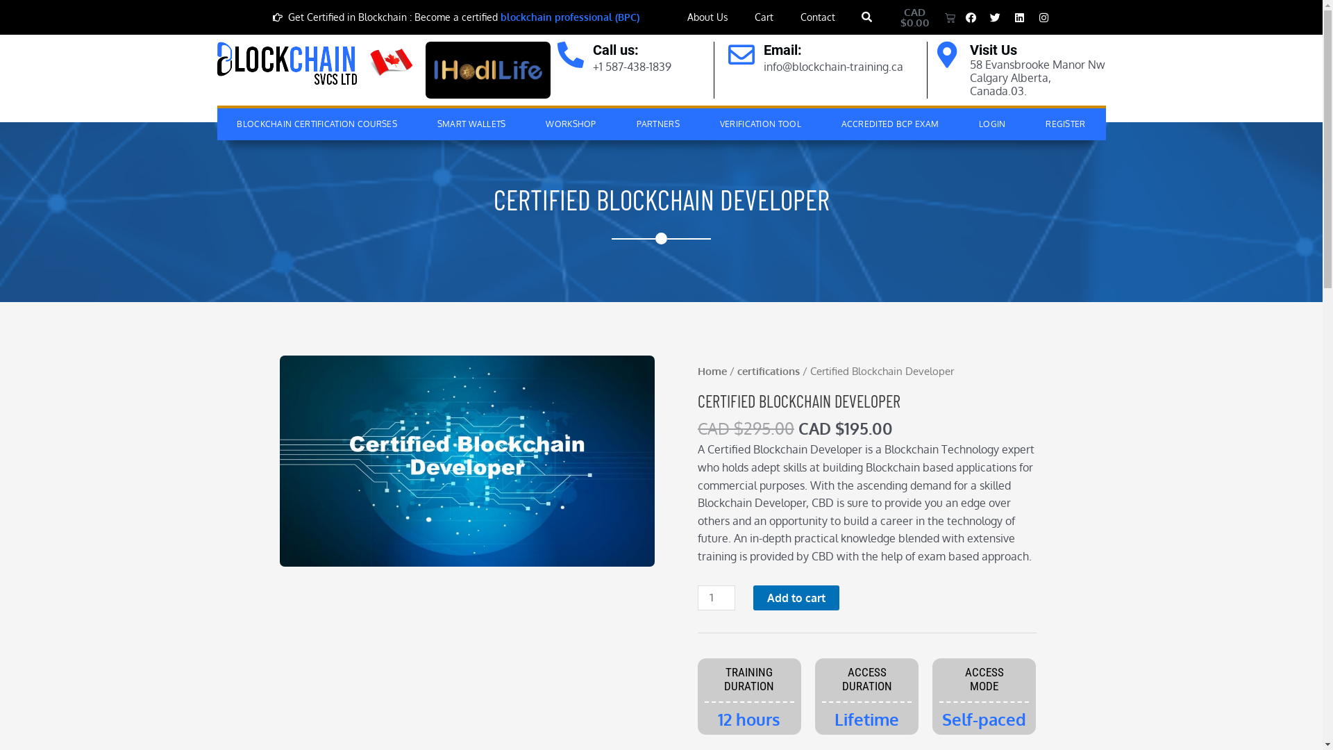 Image resolution: width=1333 pixels, height=750 pixels. Describe the element at coordinates (746, 17) in the screenshot. I see `'Cart'` at that location.